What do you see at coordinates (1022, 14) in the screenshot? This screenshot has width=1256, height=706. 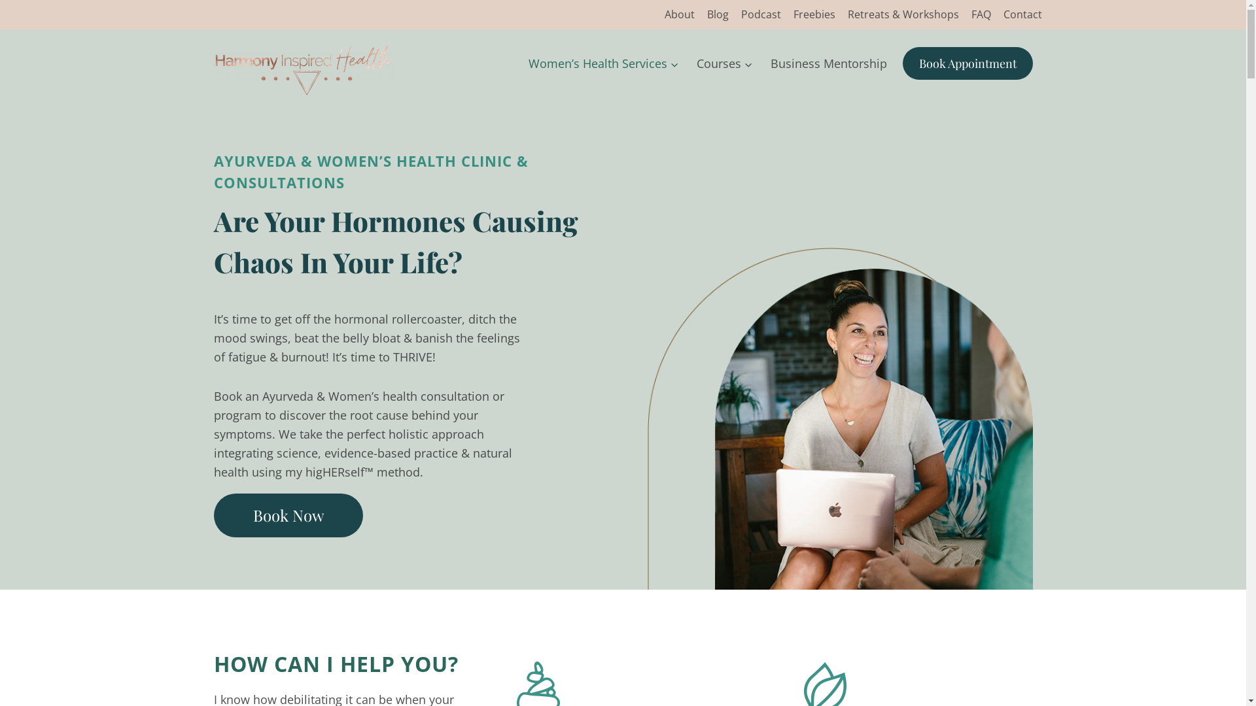 I see `'Contact'` at bounding box center [1022, 14].